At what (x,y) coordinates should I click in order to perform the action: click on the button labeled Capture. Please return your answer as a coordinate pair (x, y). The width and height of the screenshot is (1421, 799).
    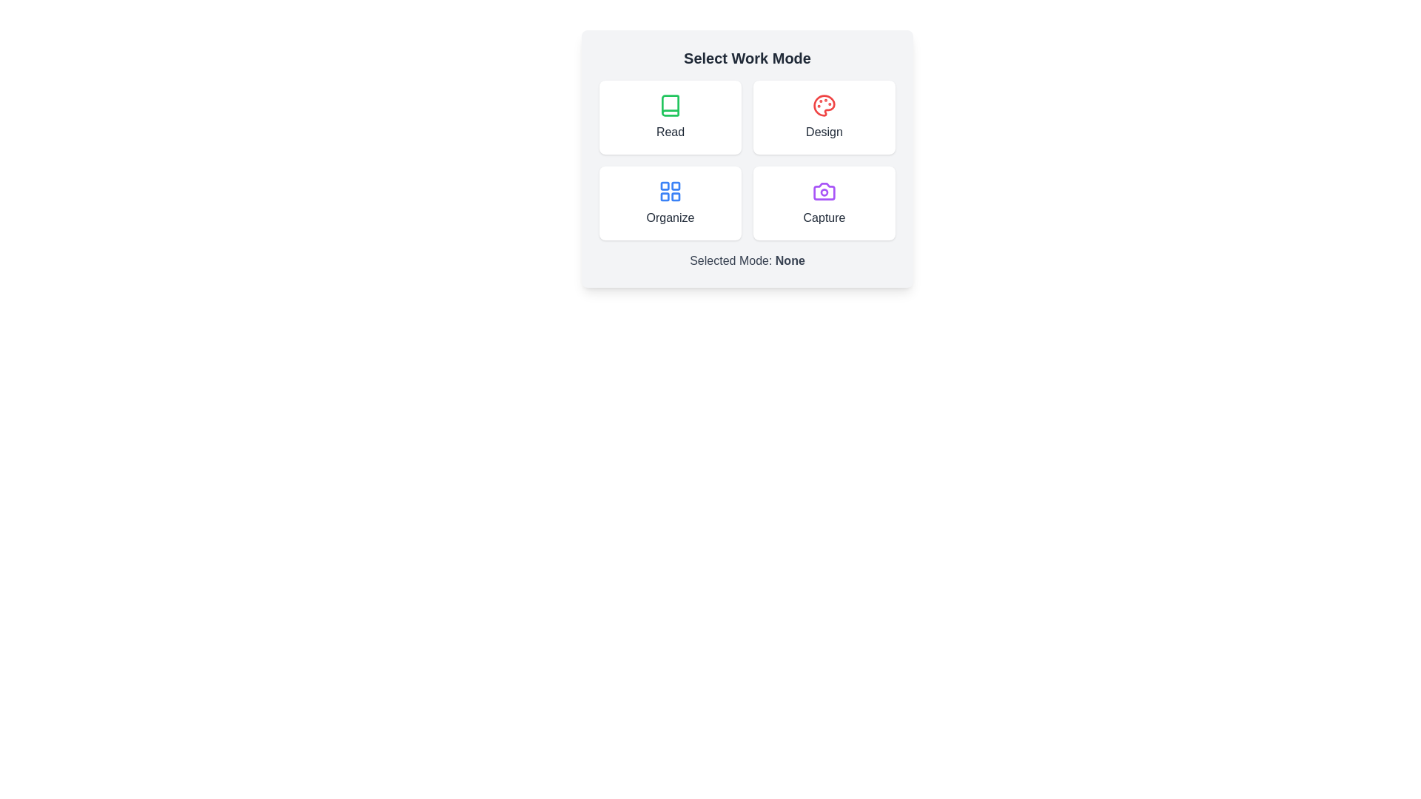
    Looking at the image, I should click on (823, 203).